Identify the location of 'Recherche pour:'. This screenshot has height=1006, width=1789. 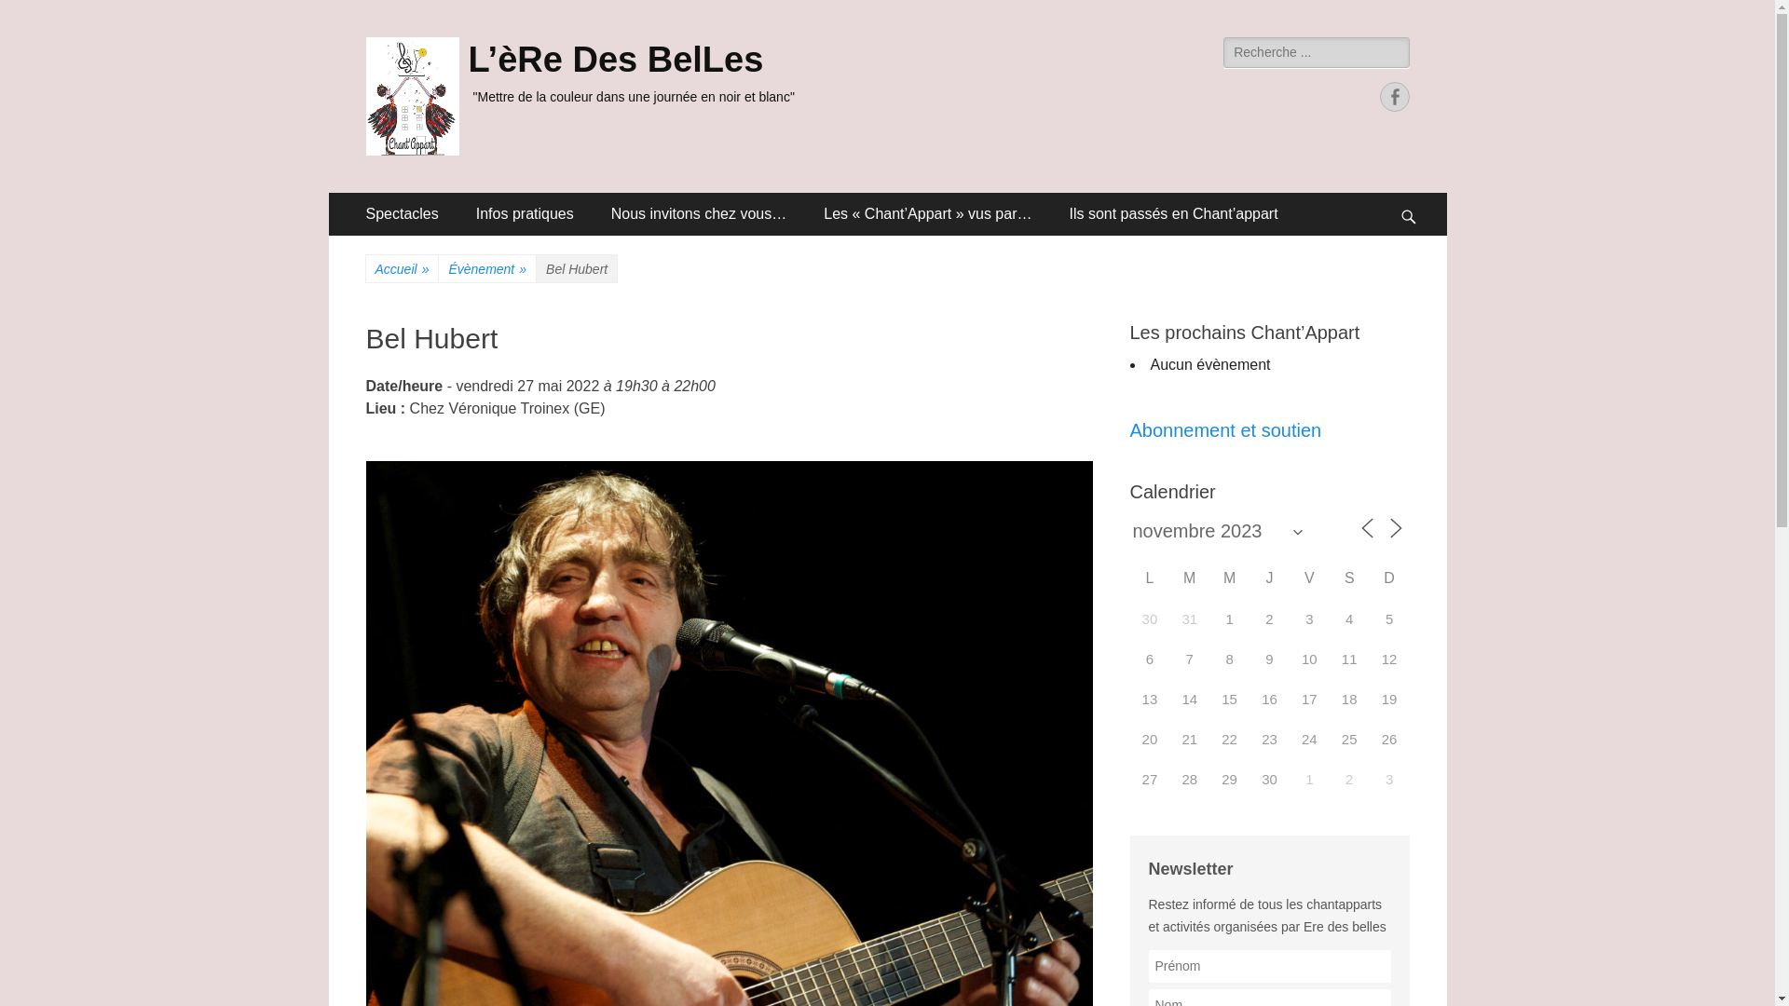
(1223, 51).